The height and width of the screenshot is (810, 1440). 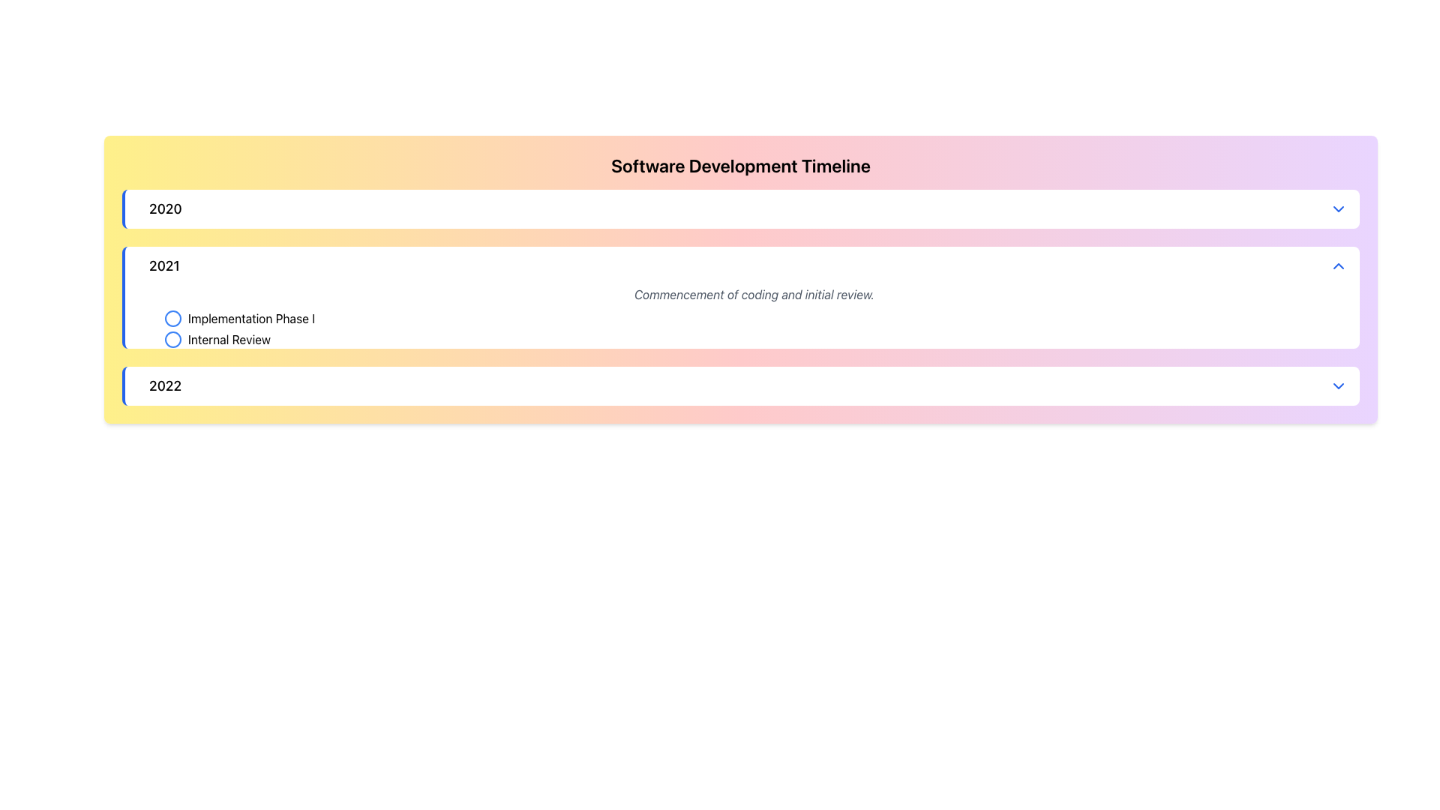 What do you see at coordinates (172, 339) in the screenshot?
I see `the icon positioned below the text '2021' and adjacent to the label 'Implementation Phase I' in the highlighted section for the year 2021` at bounding box center [172, 339].